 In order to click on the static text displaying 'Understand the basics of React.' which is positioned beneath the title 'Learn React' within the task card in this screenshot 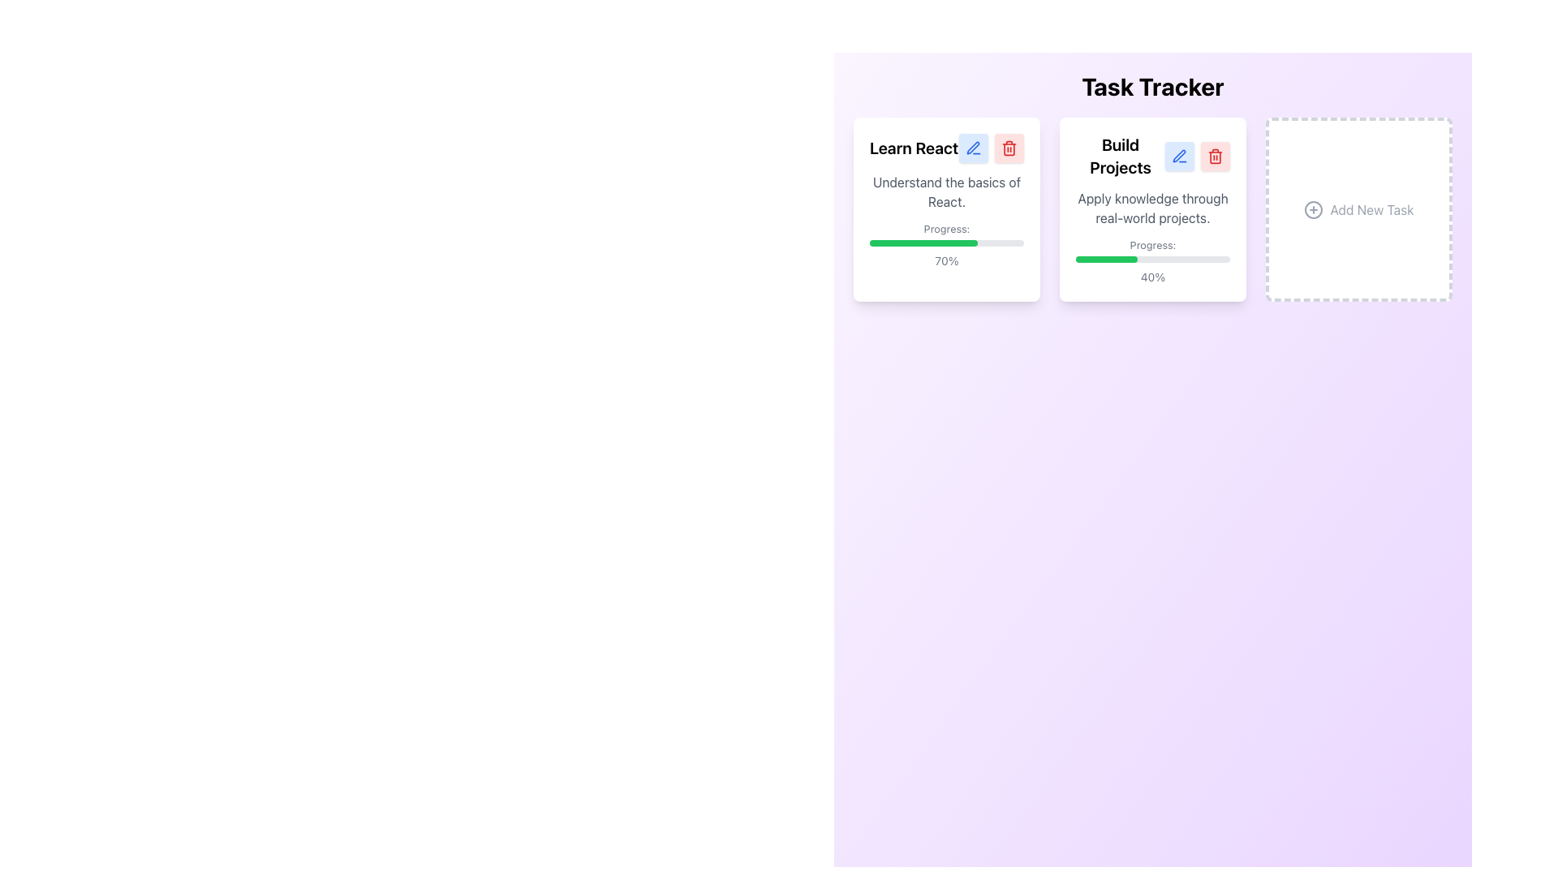, I will do `click(946, 191)`.